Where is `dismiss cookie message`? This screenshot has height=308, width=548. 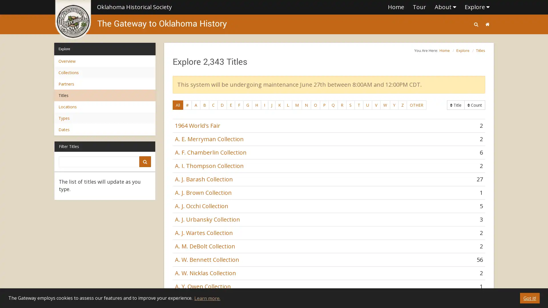
dismiss cookie message is located at coordinates (529, 298).